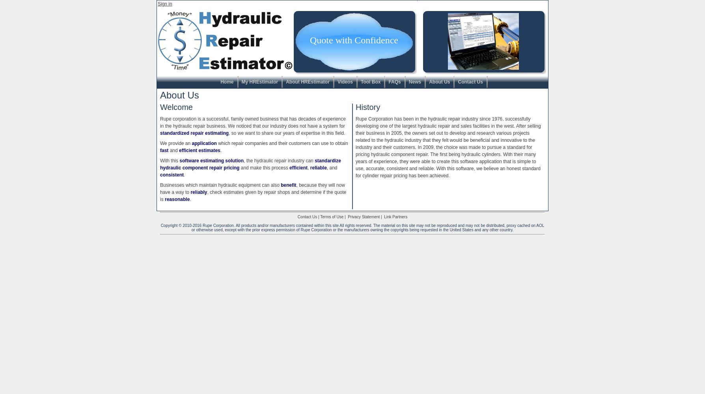 The width and height of the screenshot is (705, 394). What do you see at coordinates (354, 40) in the screenshot?
I see `'Quote with Confidence'` at bounding box center [354, 40].